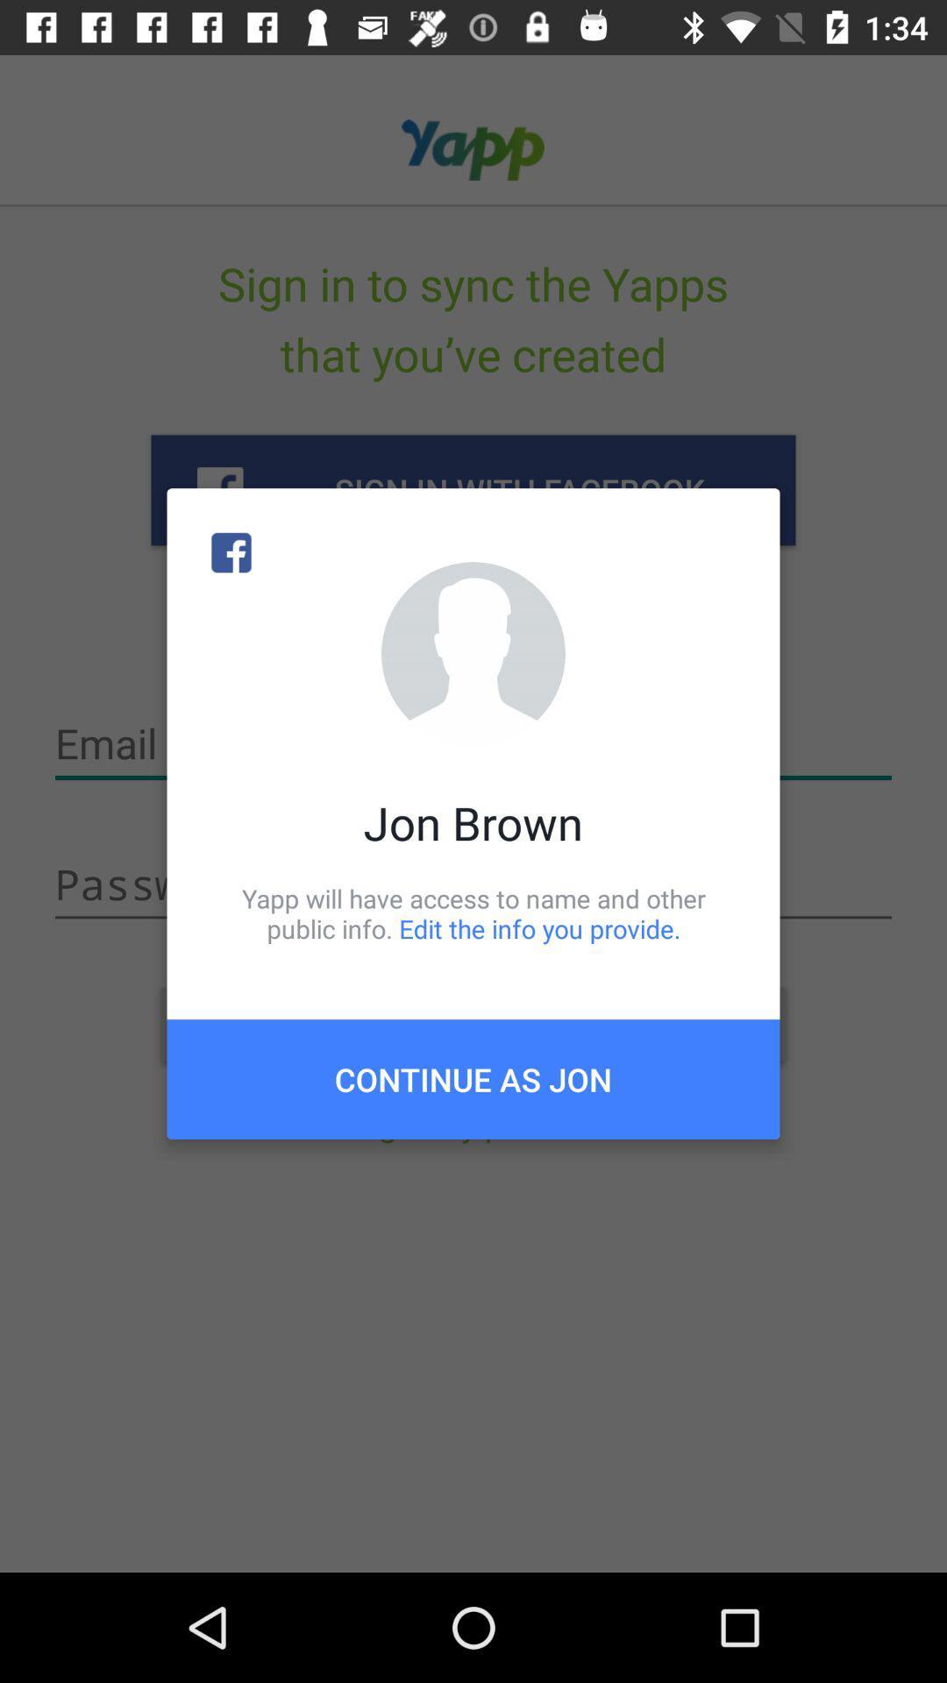 This screenshot has width=947, height=1683. What do you see at coordinates (473, 913) in the screenshot?
I see `yapp will have item` at bounding box center [473, 913].